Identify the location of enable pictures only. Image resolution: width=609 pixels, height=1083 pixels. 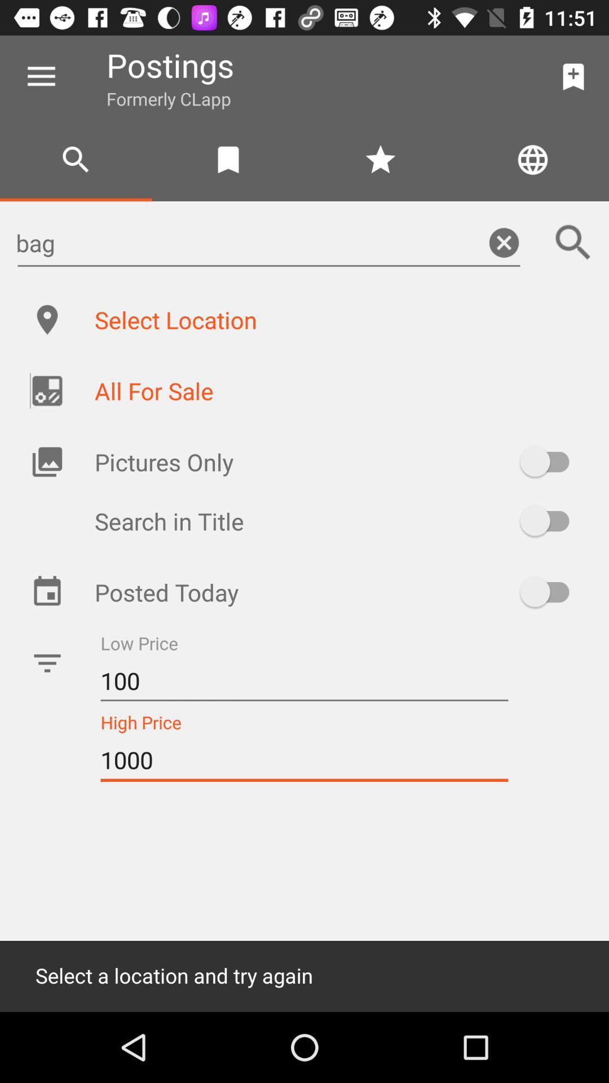
(549, 461).